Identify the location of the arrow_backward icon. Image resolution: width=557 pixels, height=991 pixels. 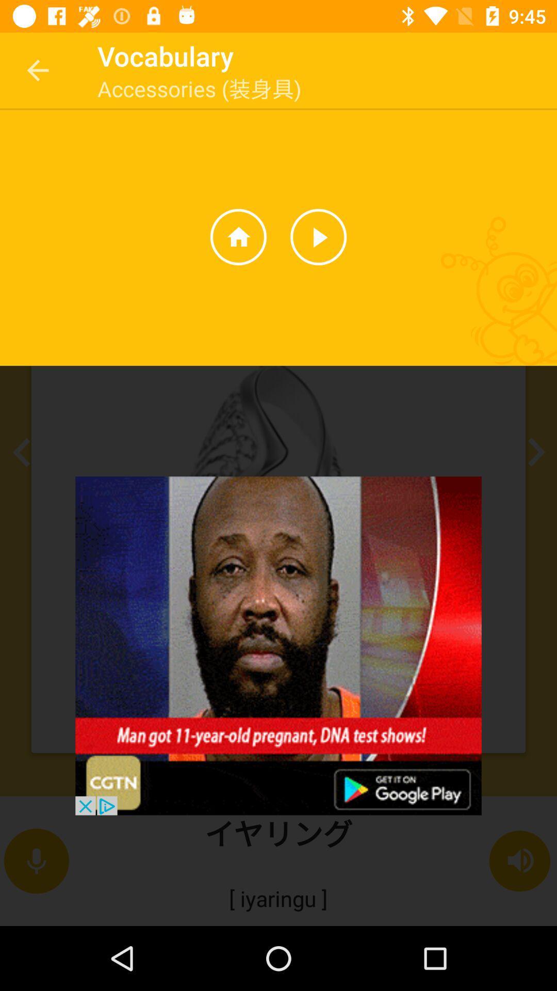
(24, 452).